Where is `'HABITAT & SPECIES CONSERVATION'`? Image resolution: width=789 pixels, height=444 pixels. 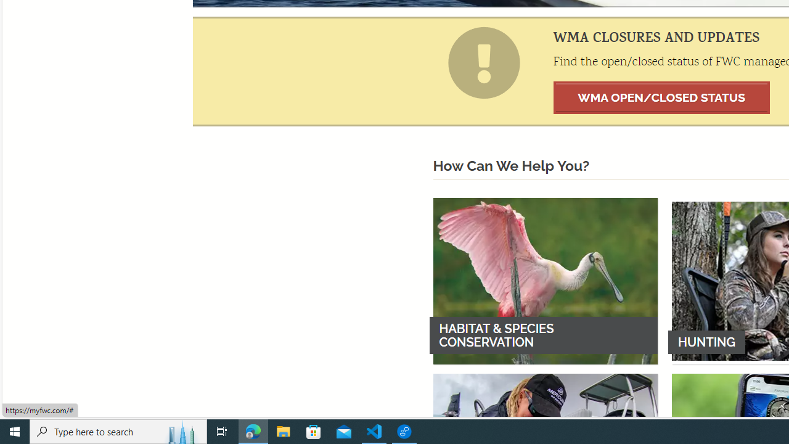 'HABITAT & SPECIES CONSERVATION' is located at coordinates (544, 281).